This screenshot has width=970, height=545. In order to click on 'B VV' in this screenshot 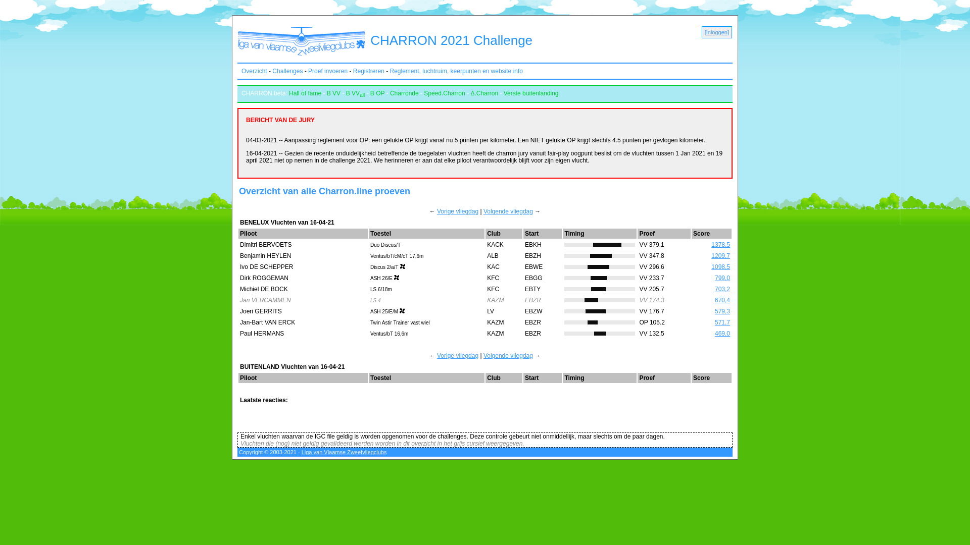, I will do `click(333, 93)`.